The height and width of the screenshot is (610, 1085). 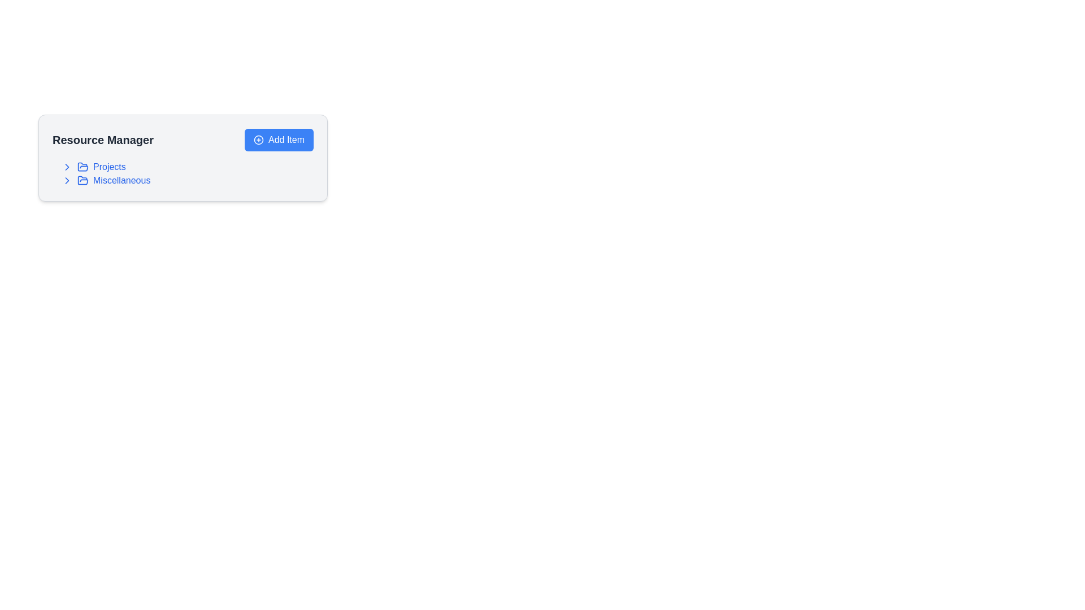 What do you see at coordinates (83, 167) in the screenshot?
I see `the folder icon indicating 'Projects', which is positioned between a chevron icon and the text 'Projects'` at bounding box center [83, 167].